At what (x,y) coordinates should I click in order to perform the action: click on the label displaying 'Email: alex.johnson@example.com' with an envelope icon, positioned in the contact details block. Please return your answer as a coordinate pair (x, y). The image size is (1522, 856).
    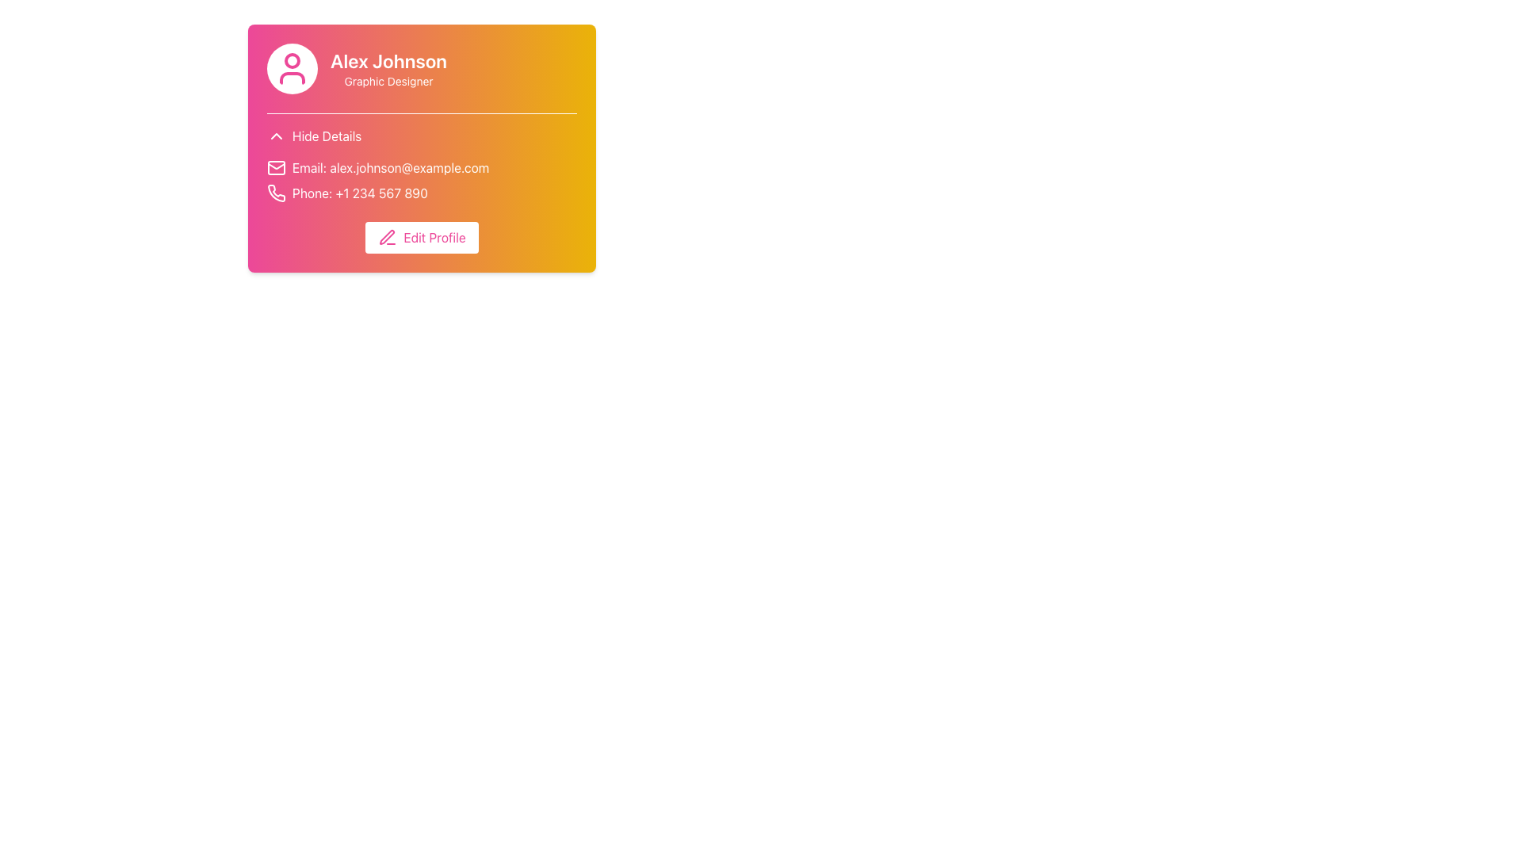
    Looking at the image, I should click on (422, 168).